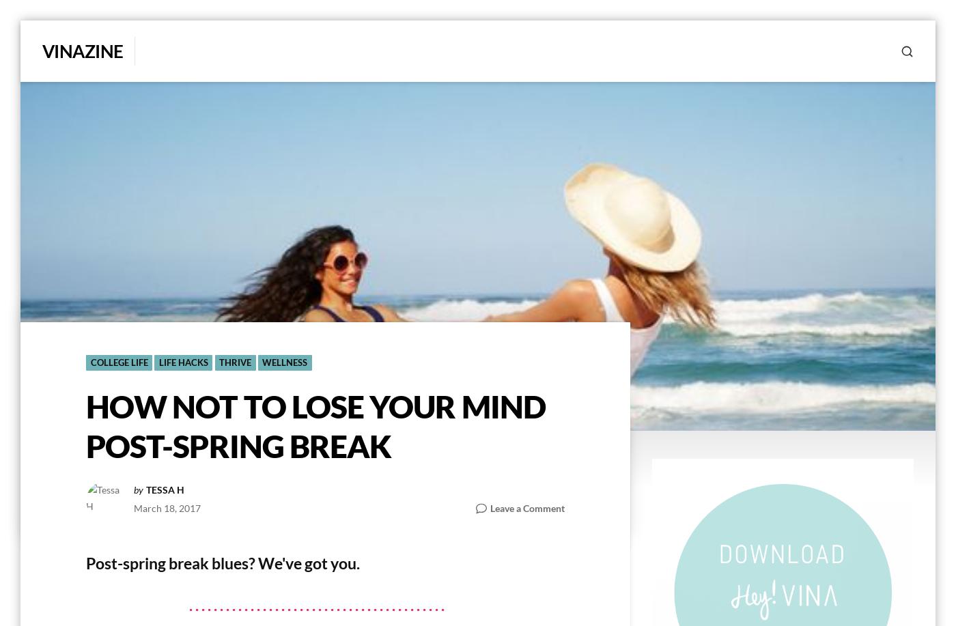  What do you see at coordinates (526, 507) in the screenshot?
I see `'Leave a Comment'` at bounding box center [526, 507].